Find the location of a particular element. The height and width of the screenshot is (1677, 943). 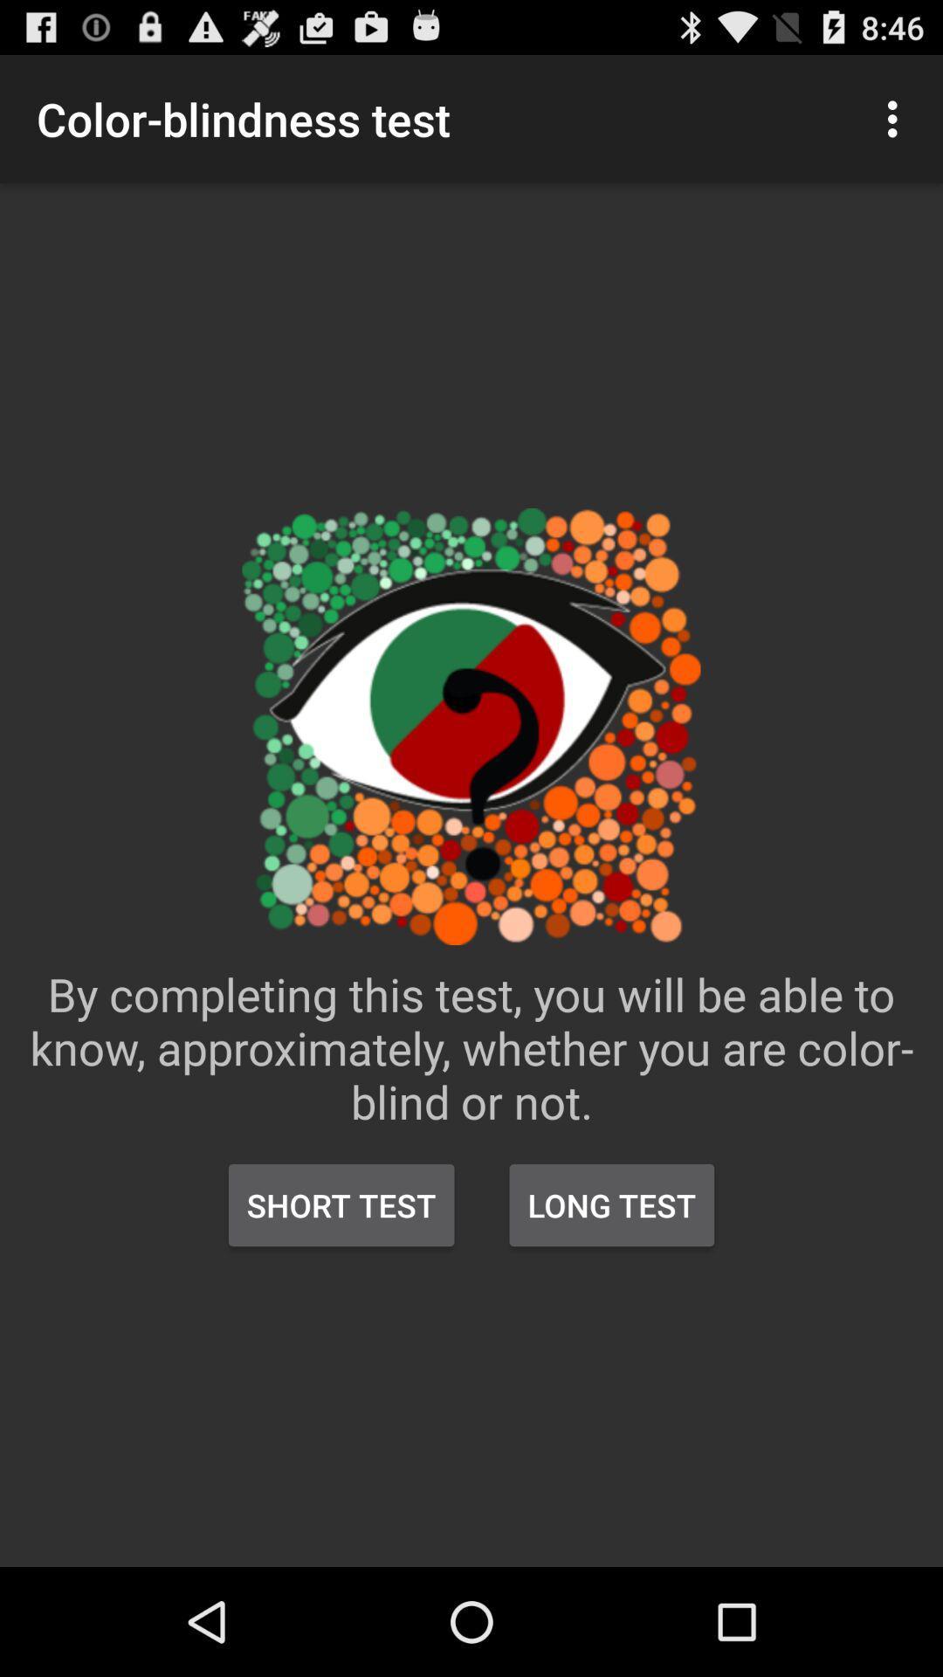

the icon below the by completing this item is located at coordinates (341, 1204).